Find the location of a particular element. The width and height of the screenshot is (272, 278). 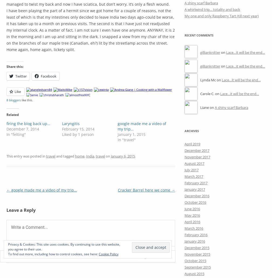

'November 2017' is located at coordinates (185, 156).